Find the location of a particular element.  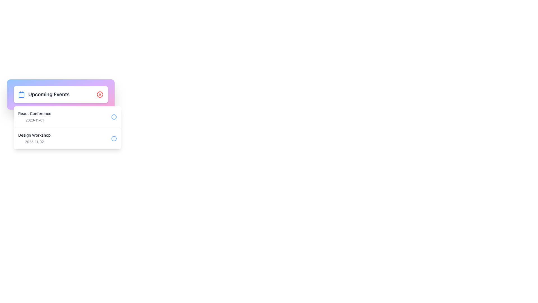

title of the header which contains a blue calendar icon and the text 'Upcoming Events', located at the center of the upper section of the card layout is located at coordinates (43, 94).